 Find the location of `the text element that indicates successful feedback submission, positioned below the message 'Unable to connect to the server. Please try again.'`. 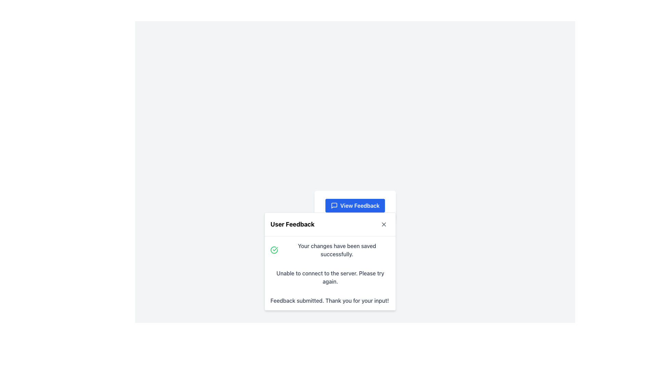

the text element that indicates successful feedback submission, positioned below the message 'Unable to connect to the server. Please try again.' is located at coordinates (330, 300).